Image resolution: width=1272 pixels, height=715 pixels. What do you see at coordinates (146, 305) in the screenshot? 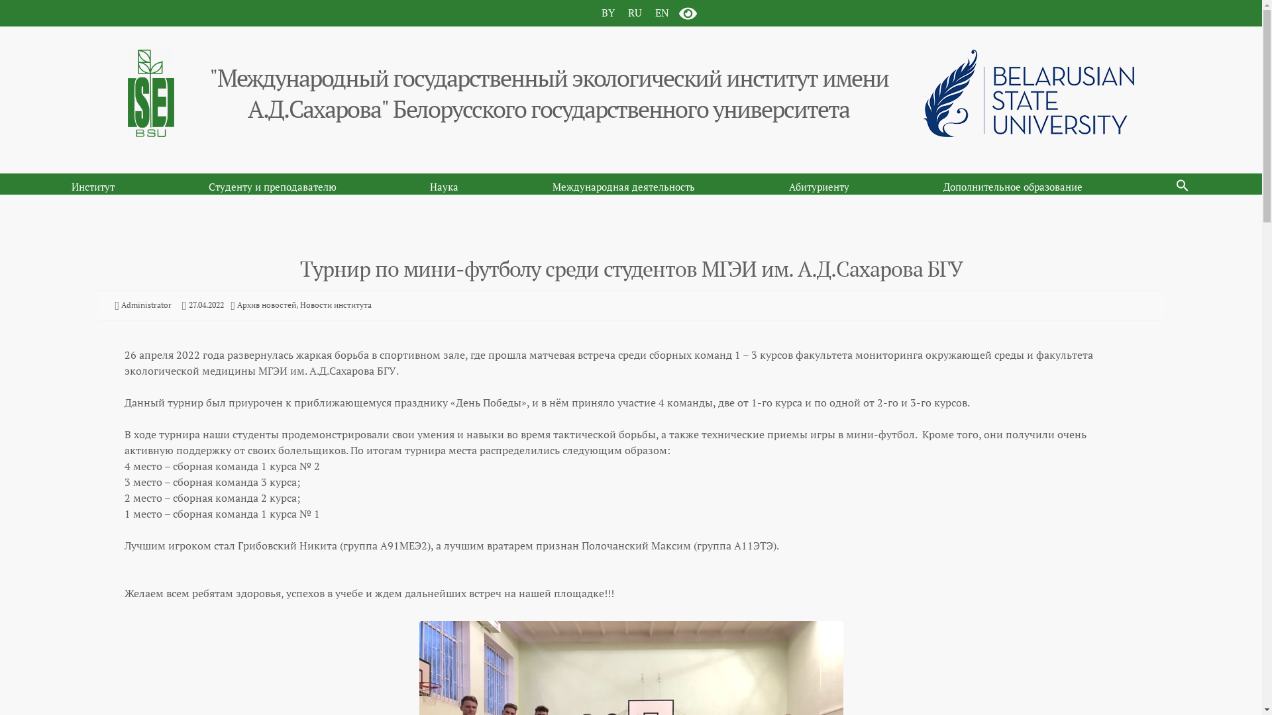
I see `'Administrator'` at bounding box center [146, 305].